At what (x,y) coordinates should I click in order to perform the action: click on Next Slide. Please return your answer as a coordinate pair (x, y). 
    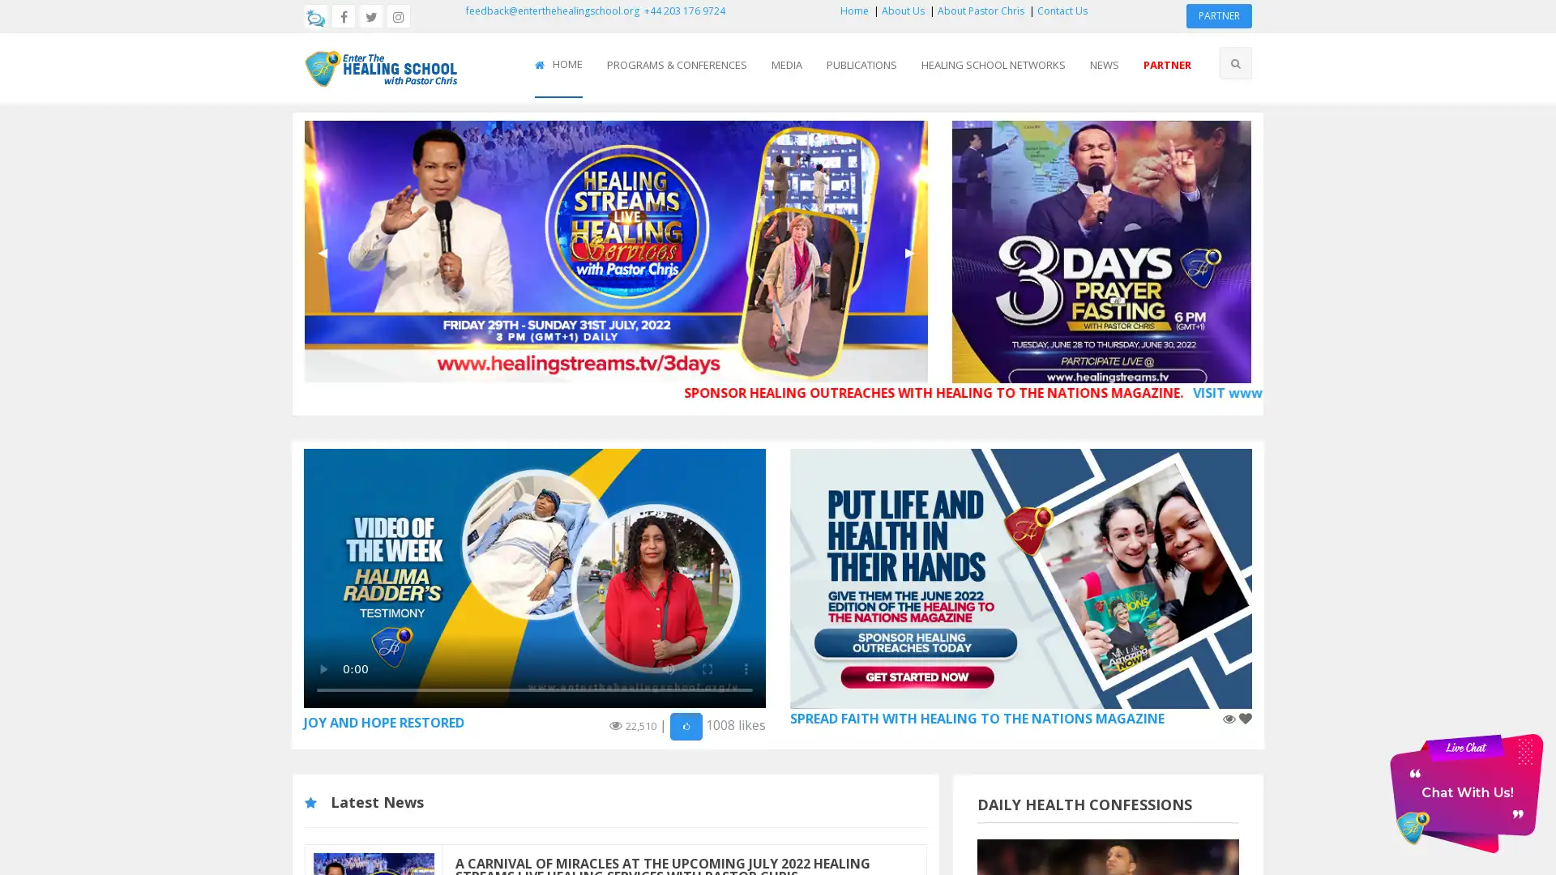
    Looking at the image, I should click on (909, 252).